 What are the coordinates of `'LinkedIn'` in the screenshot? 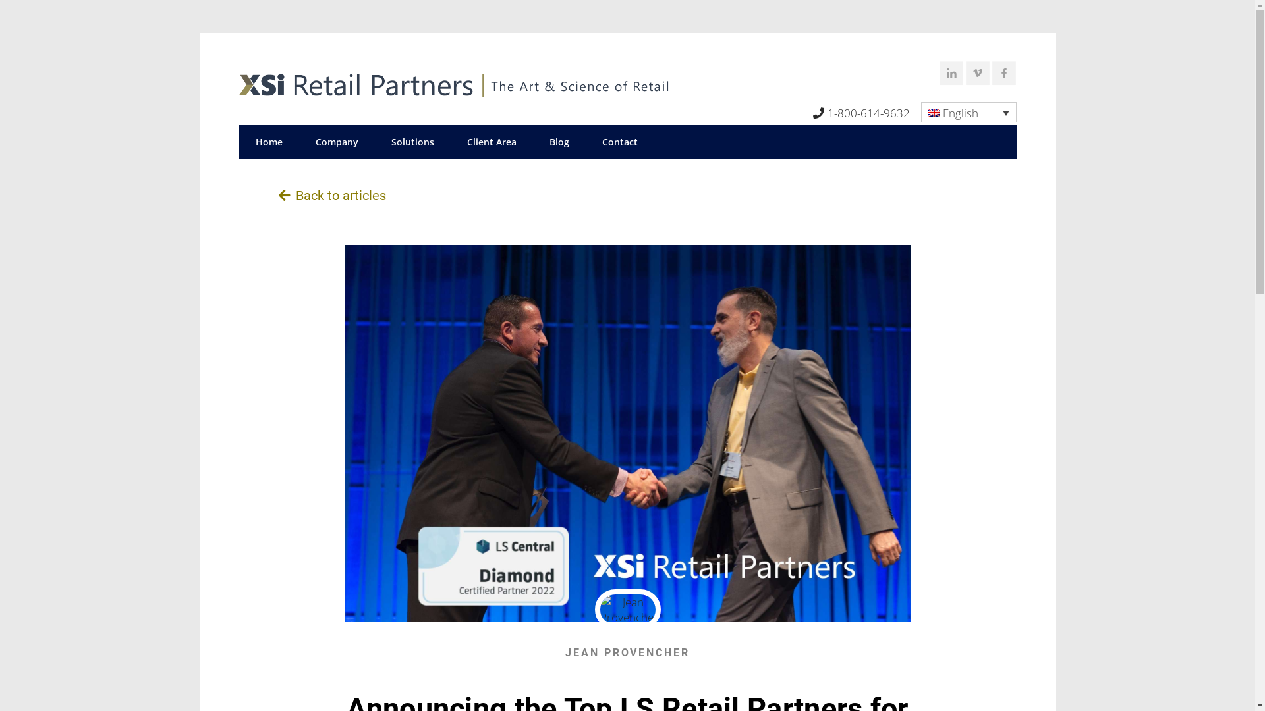 It's located at (938, 75).